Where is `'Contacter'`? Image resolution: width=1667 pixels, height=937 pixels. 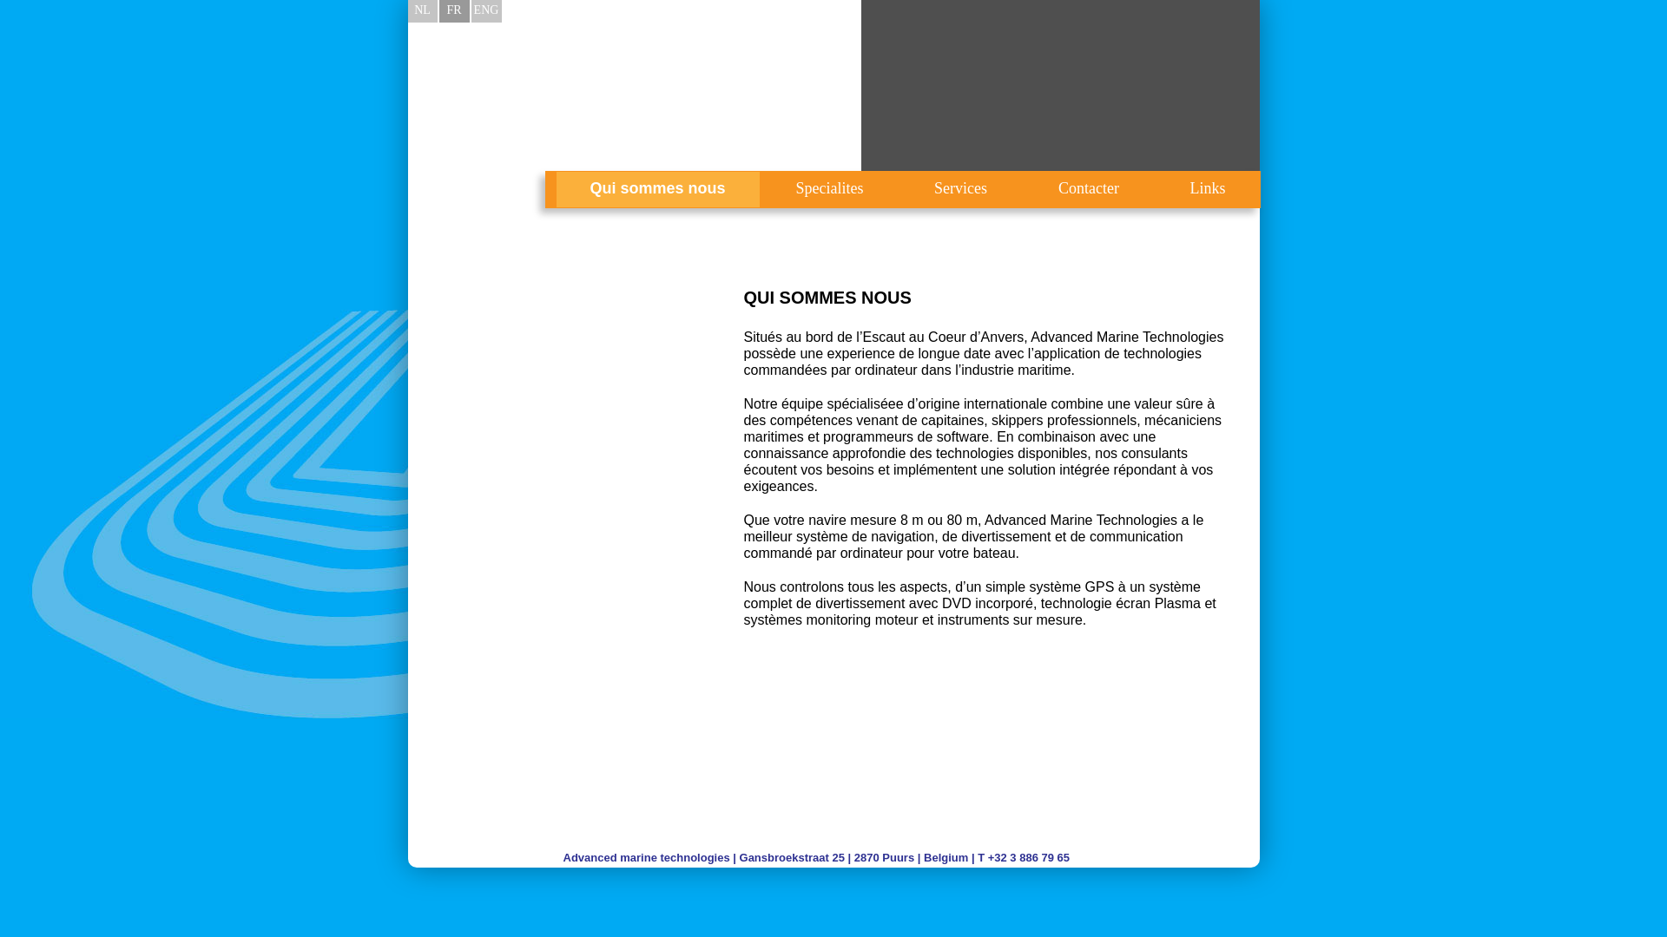
'Contacter' is located at coordinates (1087, 189).